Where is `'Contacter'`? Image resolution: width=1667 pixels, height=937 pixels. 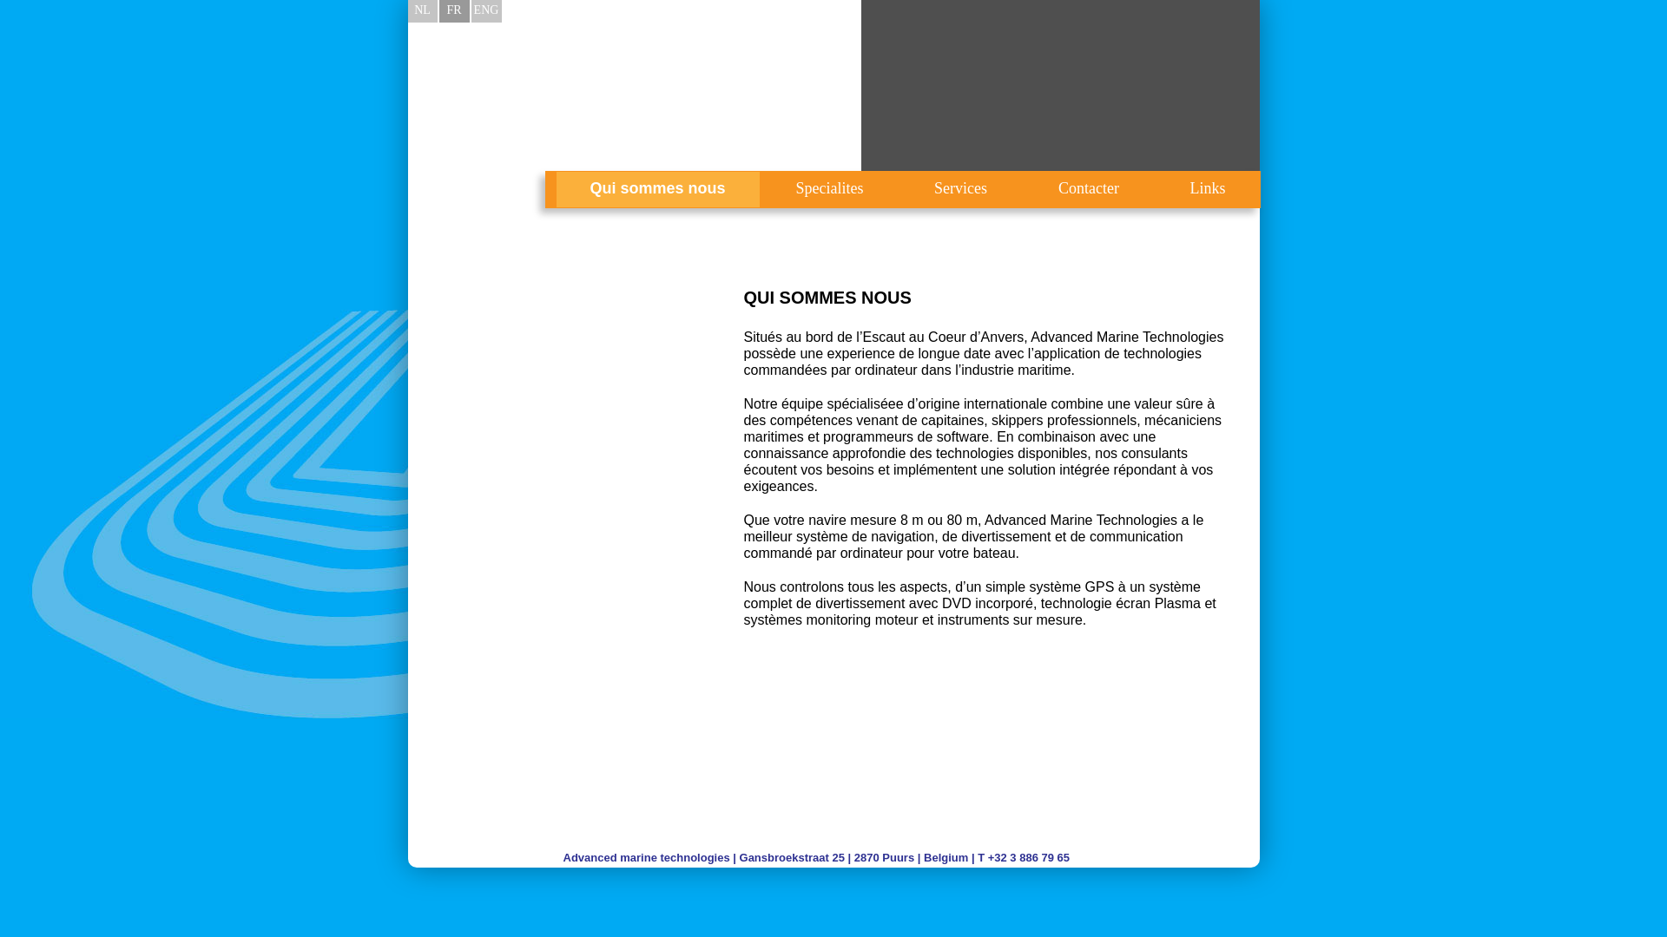
'Contacter' is located at coordinates (1087, 189).